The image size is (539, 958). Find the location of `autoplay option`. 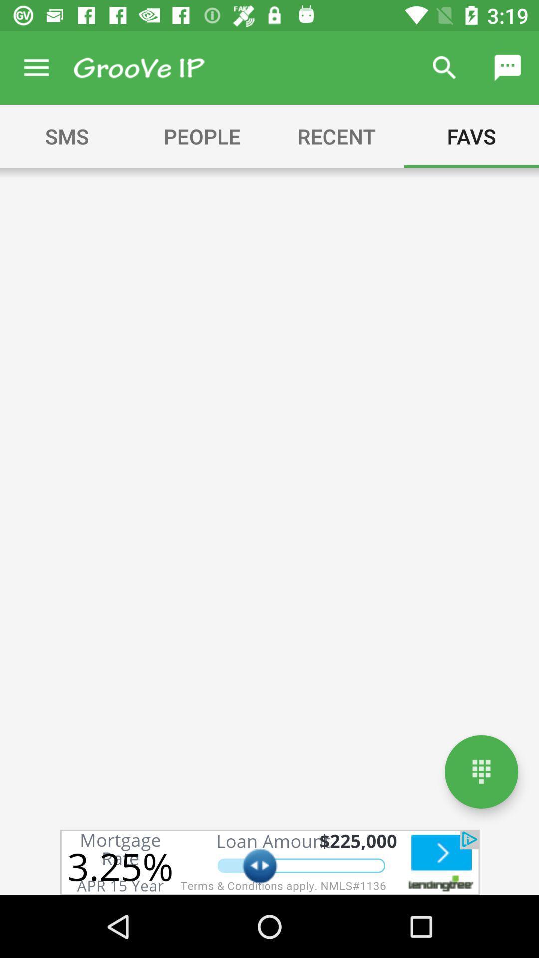

autoplay option is located at coordinates (269, 862).